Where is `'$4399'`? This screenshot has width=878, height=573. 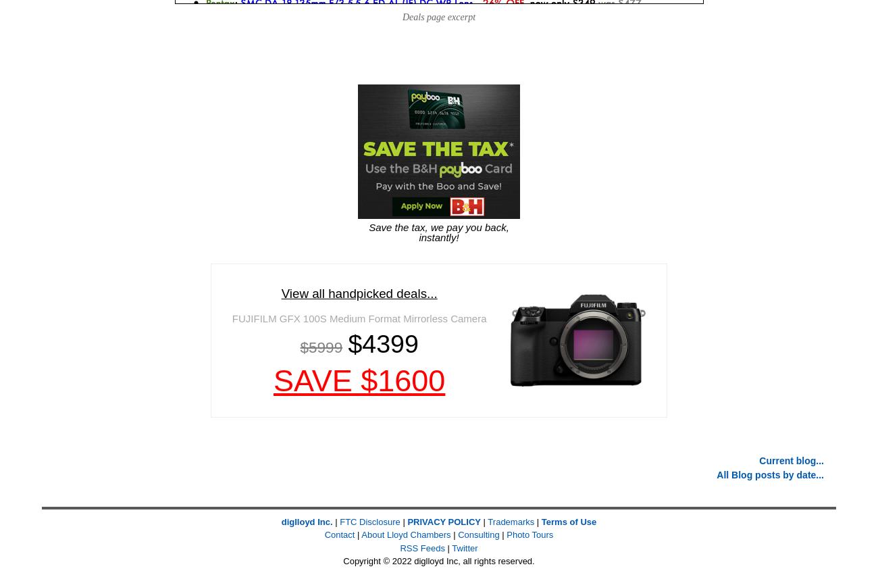
'$4399' is located at coordinates (348, 343).